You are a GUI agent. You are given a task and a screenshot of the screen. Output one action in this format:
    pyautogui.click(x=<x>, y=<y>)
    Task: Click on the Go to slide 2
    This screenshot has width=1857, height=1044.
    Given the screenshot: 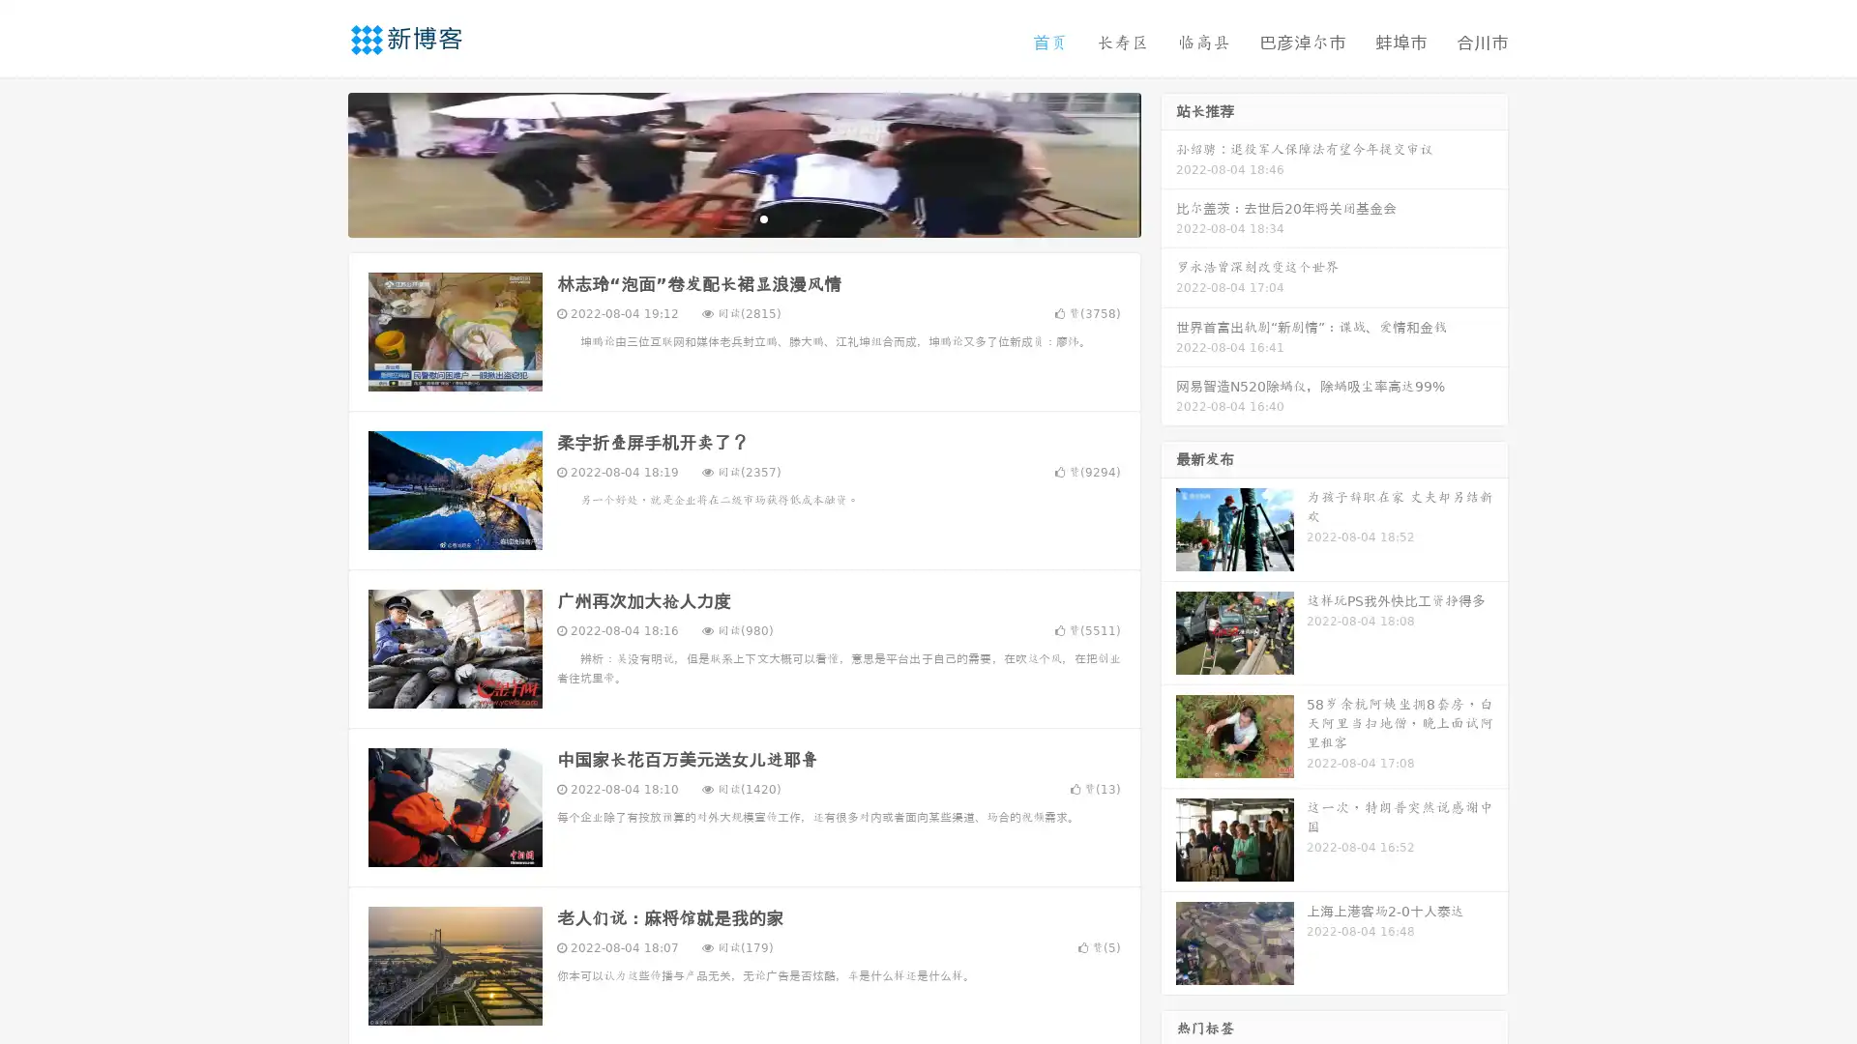 What is the action you would take?
    pyautogui.click(x=743, y=217)
    